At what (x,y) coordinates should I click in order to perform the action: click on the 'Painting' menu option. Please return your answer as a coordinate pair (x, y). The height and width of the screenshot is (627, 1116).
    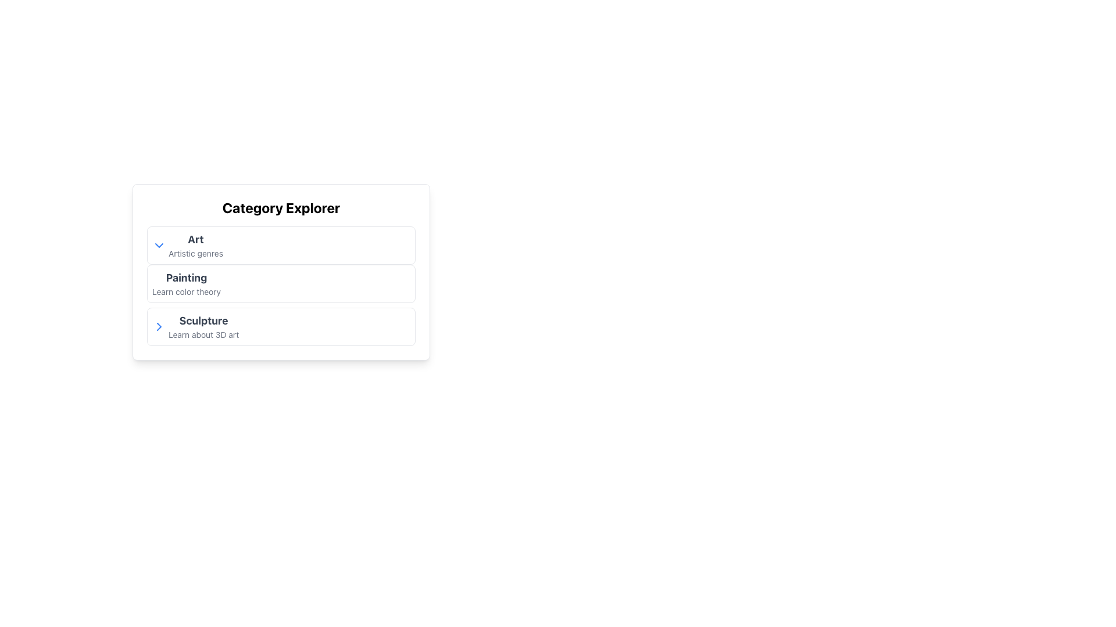
    Looking at the image, I should click on (187, 284).